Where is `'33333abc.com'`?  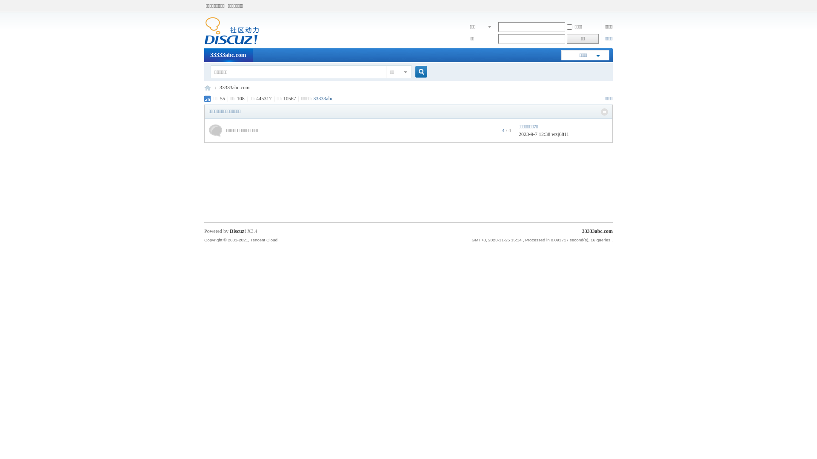 '33333abc.com' is located at coordinates (208, 88).